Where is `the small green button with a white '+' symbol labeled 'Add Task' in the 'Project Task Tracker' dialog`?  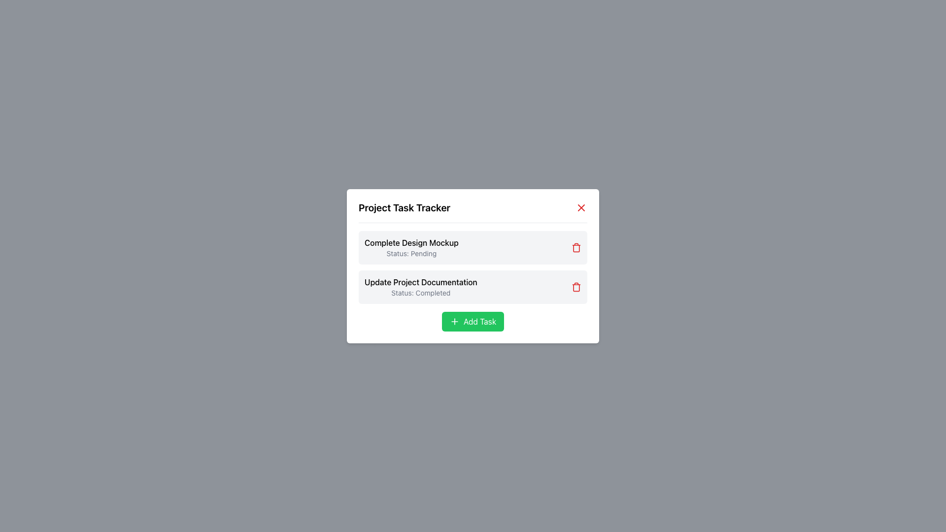 the small green button with a white '+' symbol labeled 'Add Task' in the 'Project Task Tracker' dialog is located at coordinates (454, 321).